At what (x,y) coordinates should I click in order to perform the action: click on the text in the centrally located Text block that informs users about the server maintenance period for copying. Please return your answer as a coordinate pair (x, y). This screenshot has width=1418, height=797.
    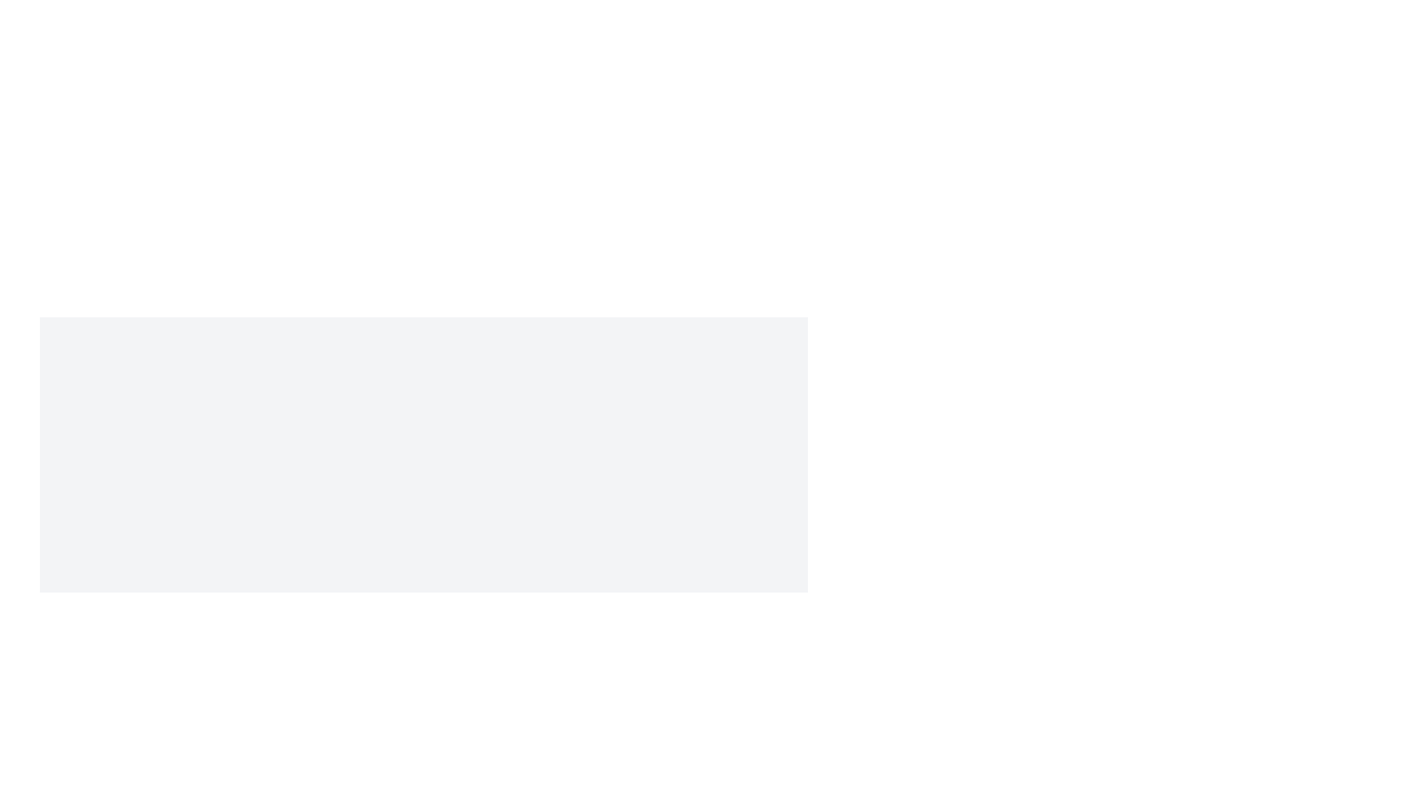
    Looking at the image, I should click on (425, 705).